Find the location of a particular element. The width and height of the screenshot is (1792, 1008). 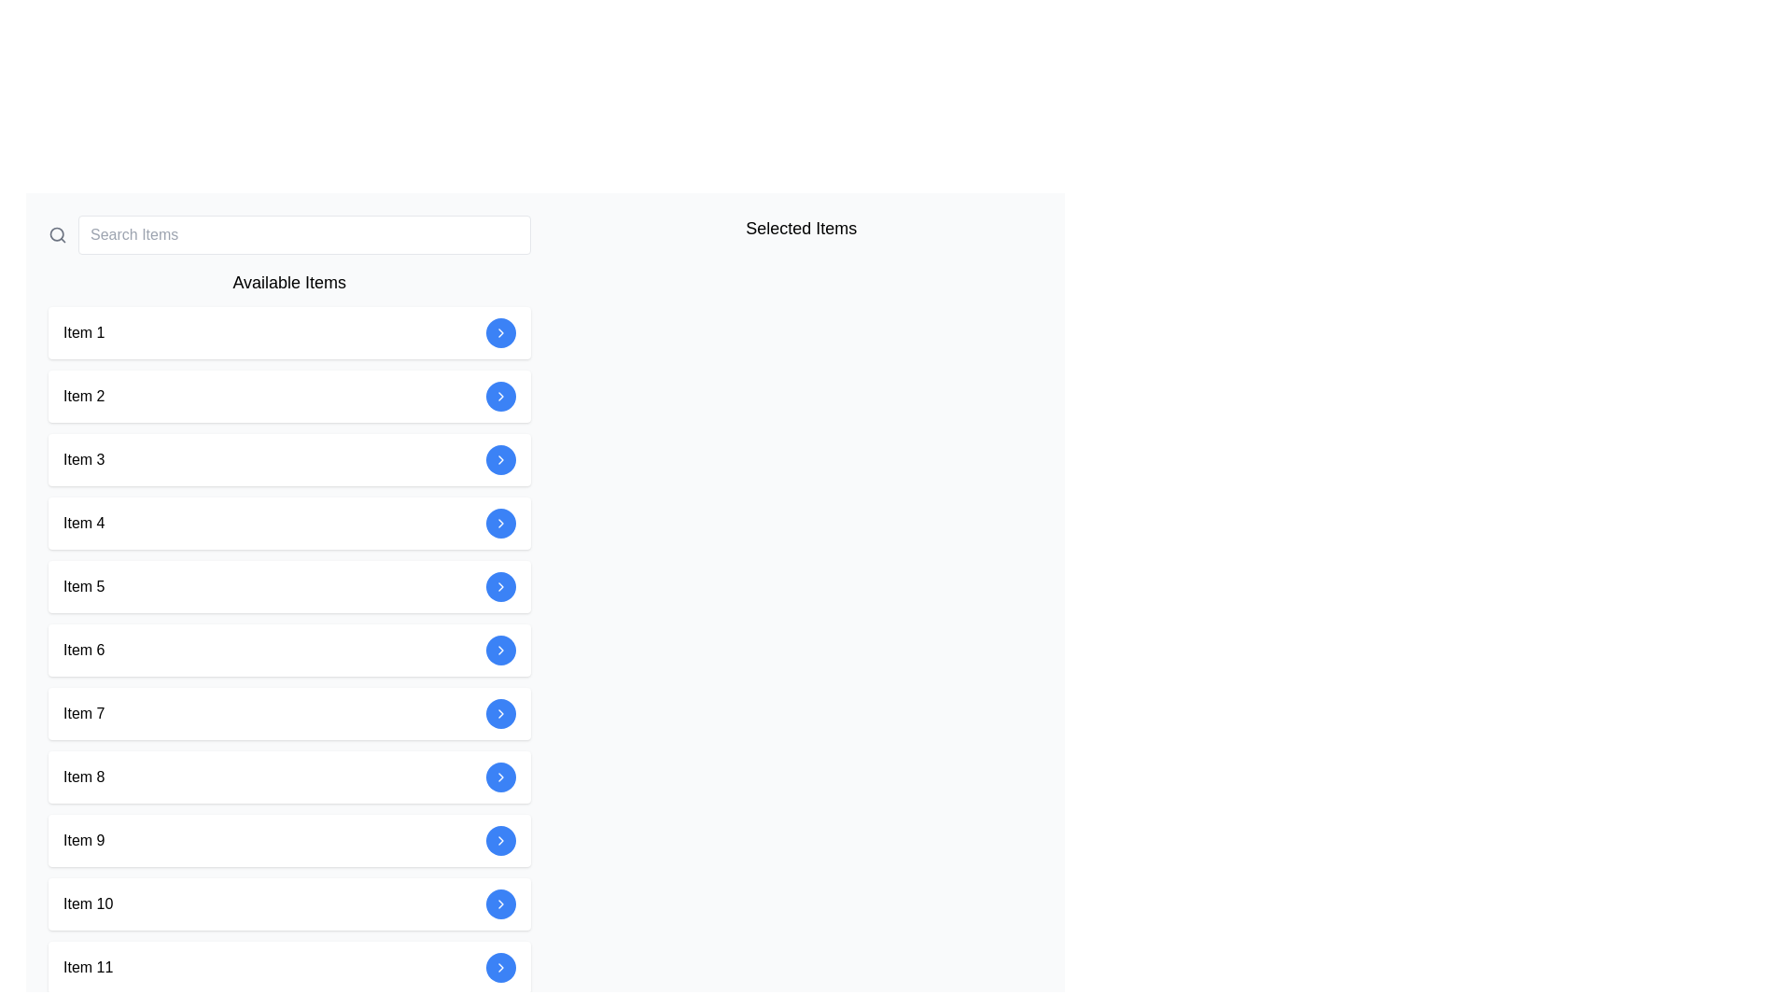

the right-pointing chevron icon inside the circular blue button, which serves as the navigation indicator for the 'Item 4' list entry is located at coordinates (500, 523).